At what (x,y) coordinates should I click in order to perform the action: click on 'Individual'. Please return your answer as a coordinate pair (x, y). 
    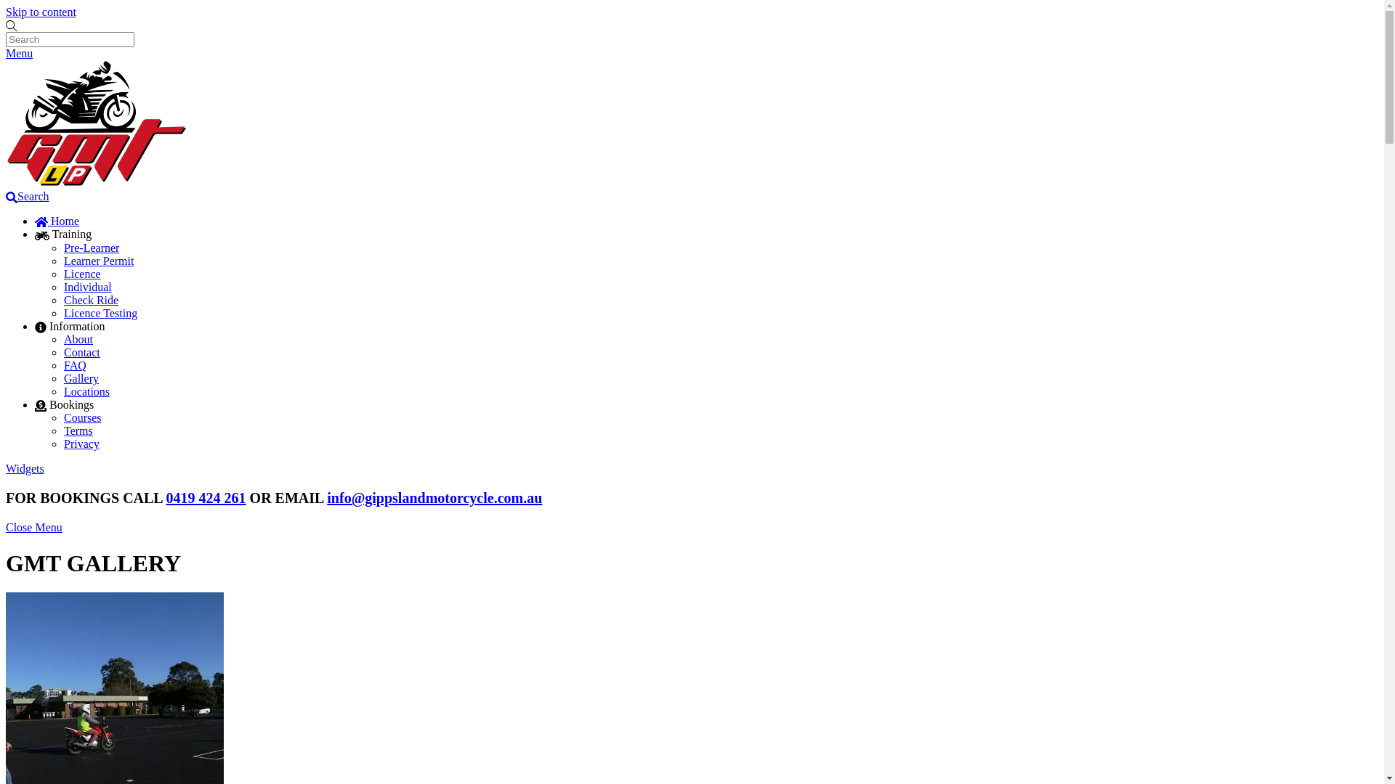
    Looking at the image, I should click on (86, 287).